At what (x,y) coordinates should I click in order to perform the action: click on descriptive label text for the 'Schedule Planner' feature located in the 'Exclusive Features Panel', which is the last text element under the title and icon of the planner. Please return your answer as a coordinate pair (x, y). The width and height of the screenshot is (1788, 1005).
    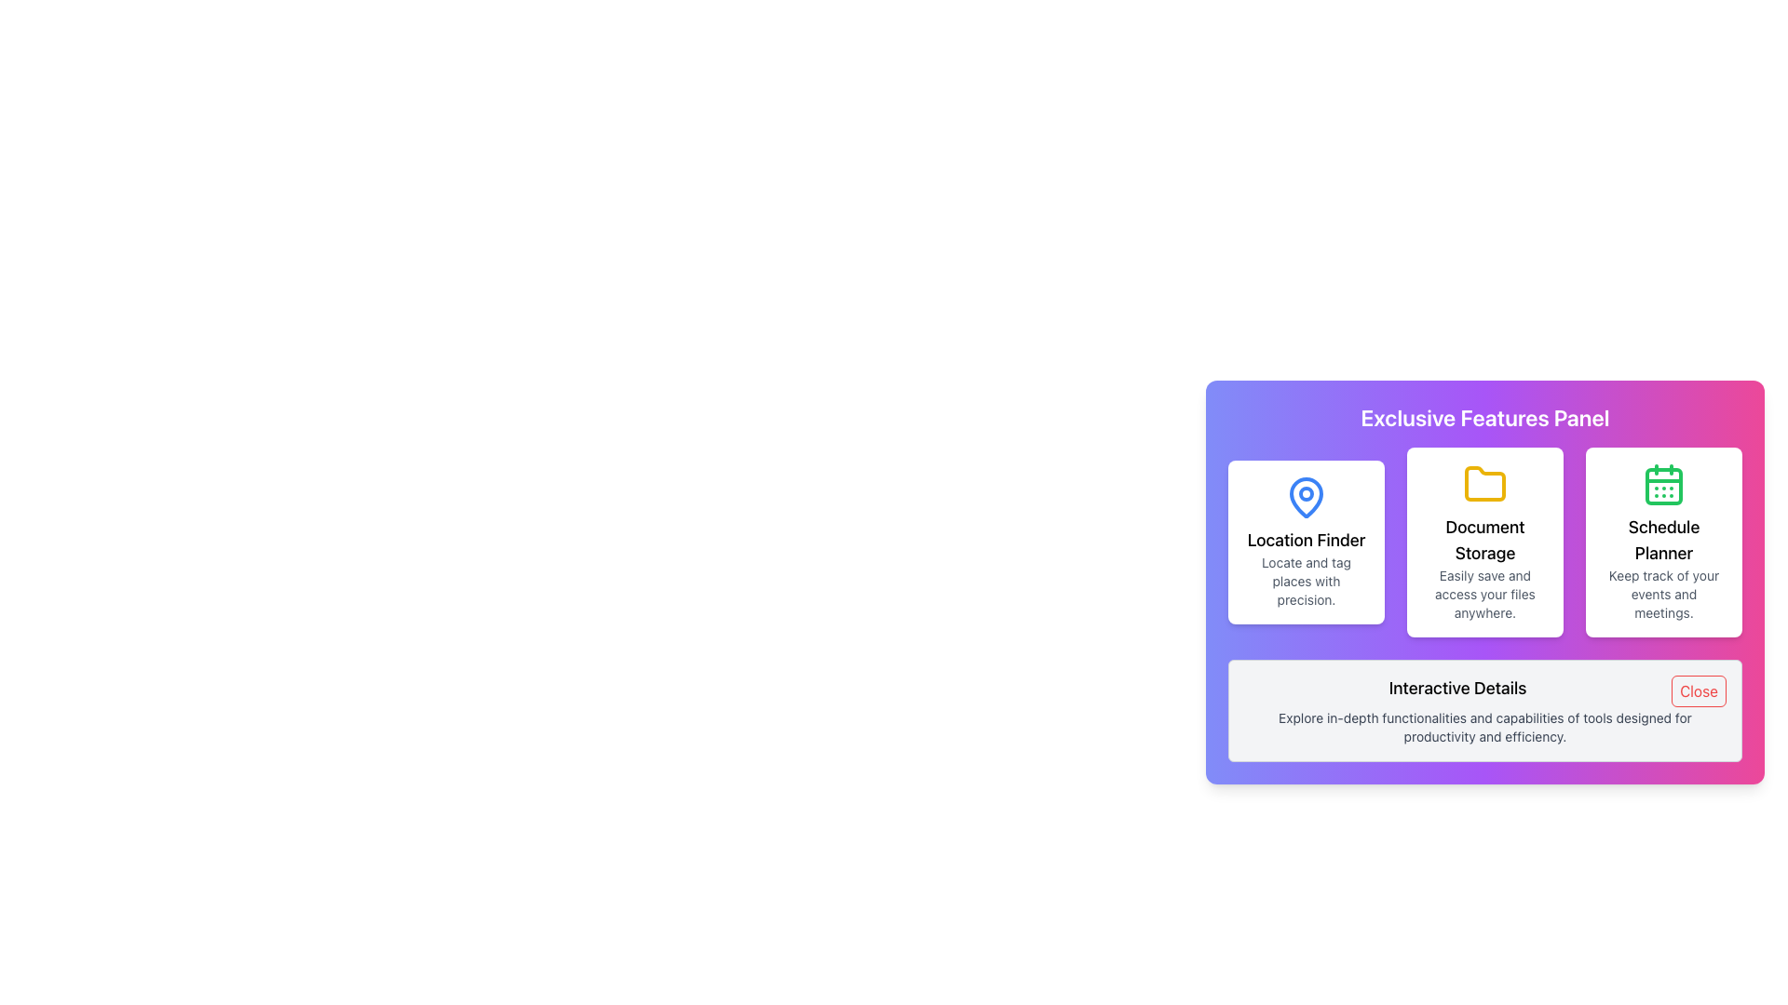
    Looking at the image, I should click on (1663, 595).